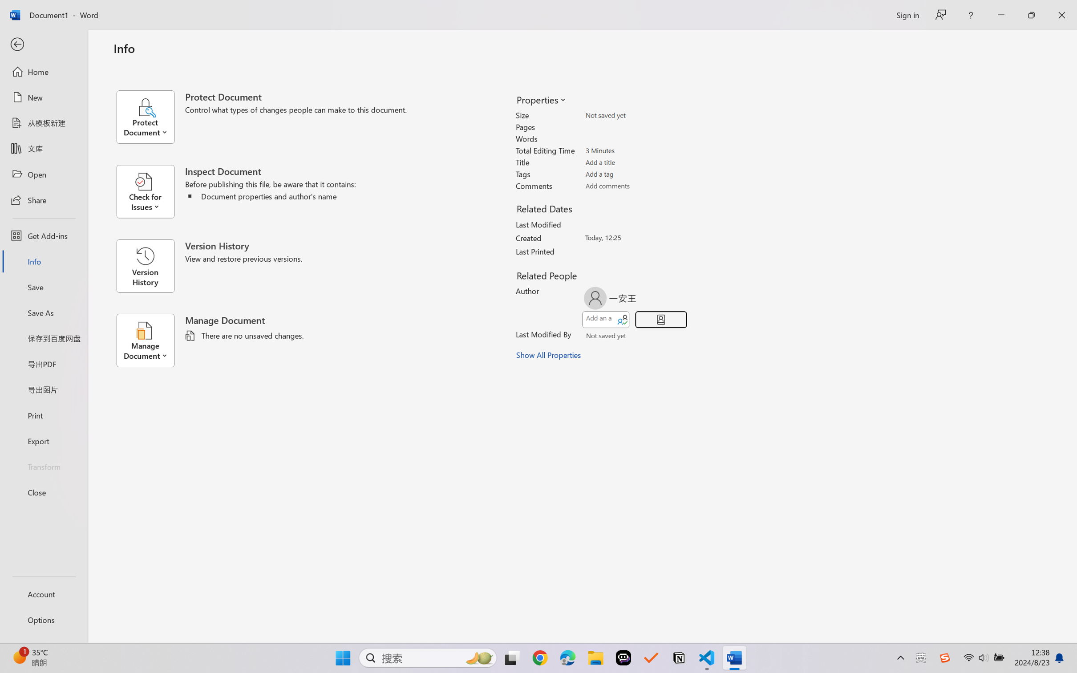  I want to click on 'Words', so click(635, 138).